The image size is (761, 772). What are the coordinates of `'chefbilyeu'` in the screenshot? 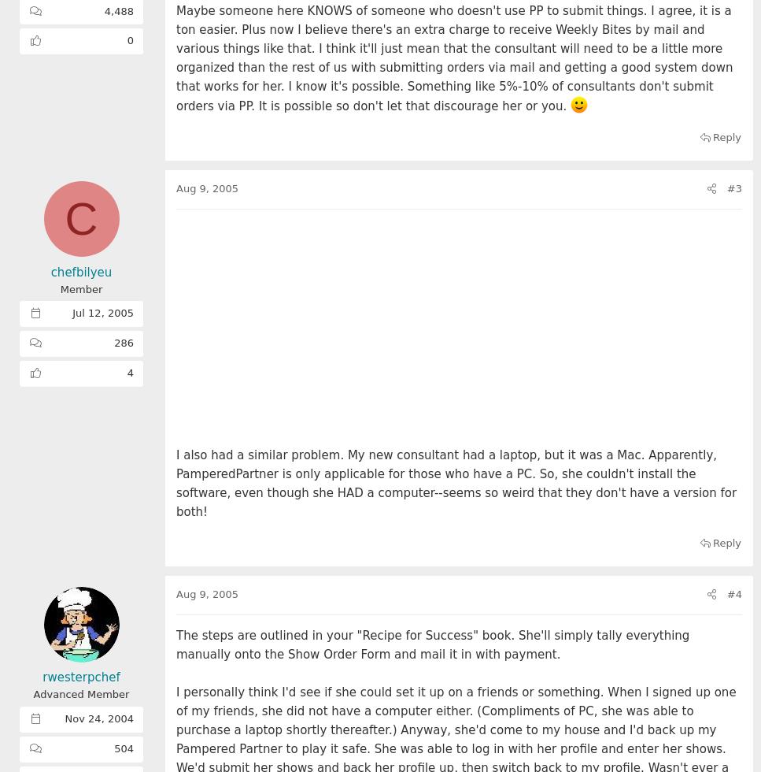 It's located at (80, 271).